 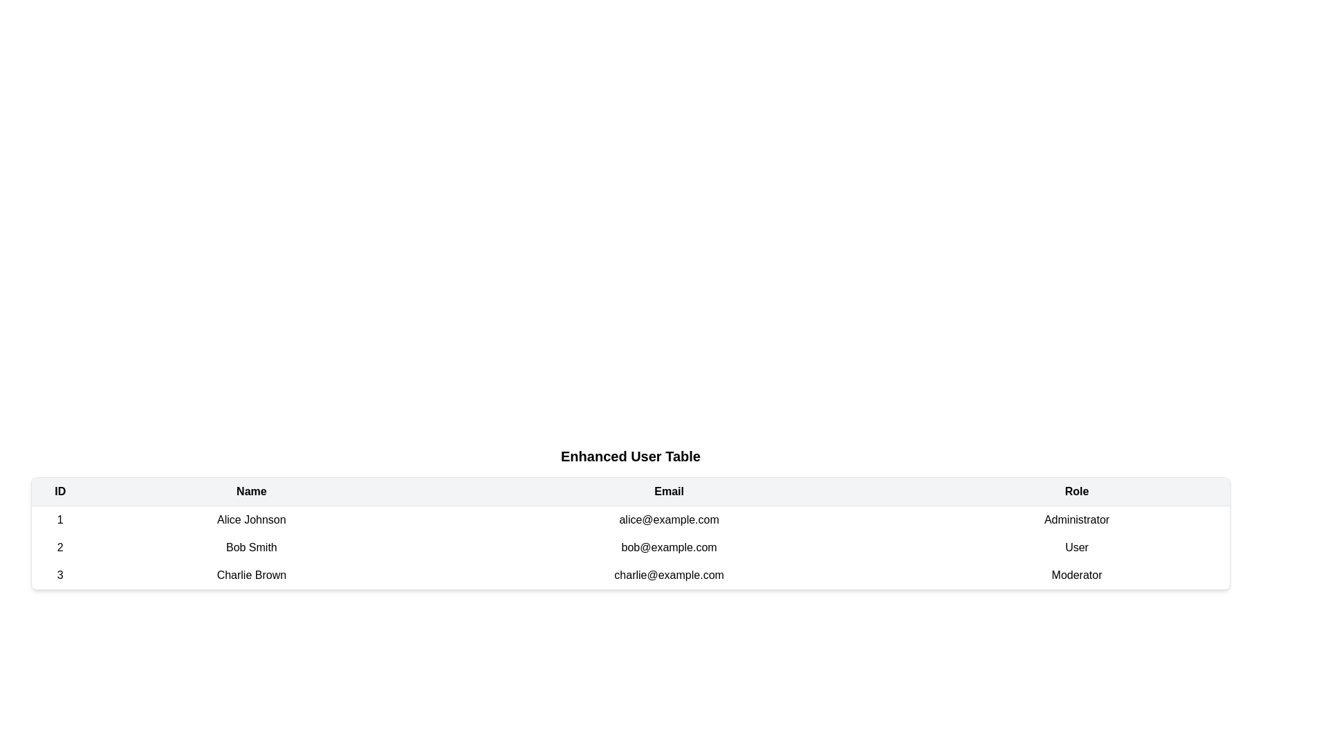 What do you see at coordinates (59, 491) in the screenshot?
I see `the 'ID' table header cell, which is the first column header in a row of four headers at the top-left of the table` at bounding box center [59, 491].